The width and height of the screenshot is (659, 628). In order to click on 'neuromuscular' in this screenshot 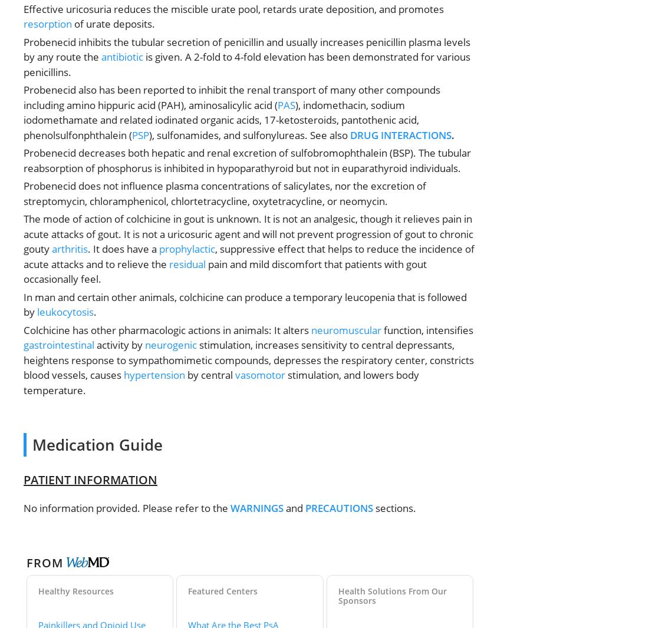, I will do `click(346, 329)`.